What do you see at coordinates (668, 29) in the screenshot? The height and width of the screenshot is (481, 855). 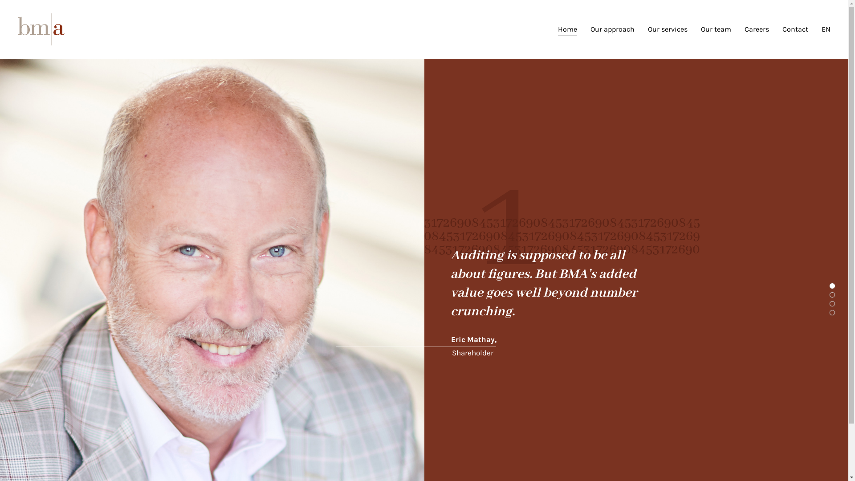 I see `'Our services'` at bounding box center [668, 29].